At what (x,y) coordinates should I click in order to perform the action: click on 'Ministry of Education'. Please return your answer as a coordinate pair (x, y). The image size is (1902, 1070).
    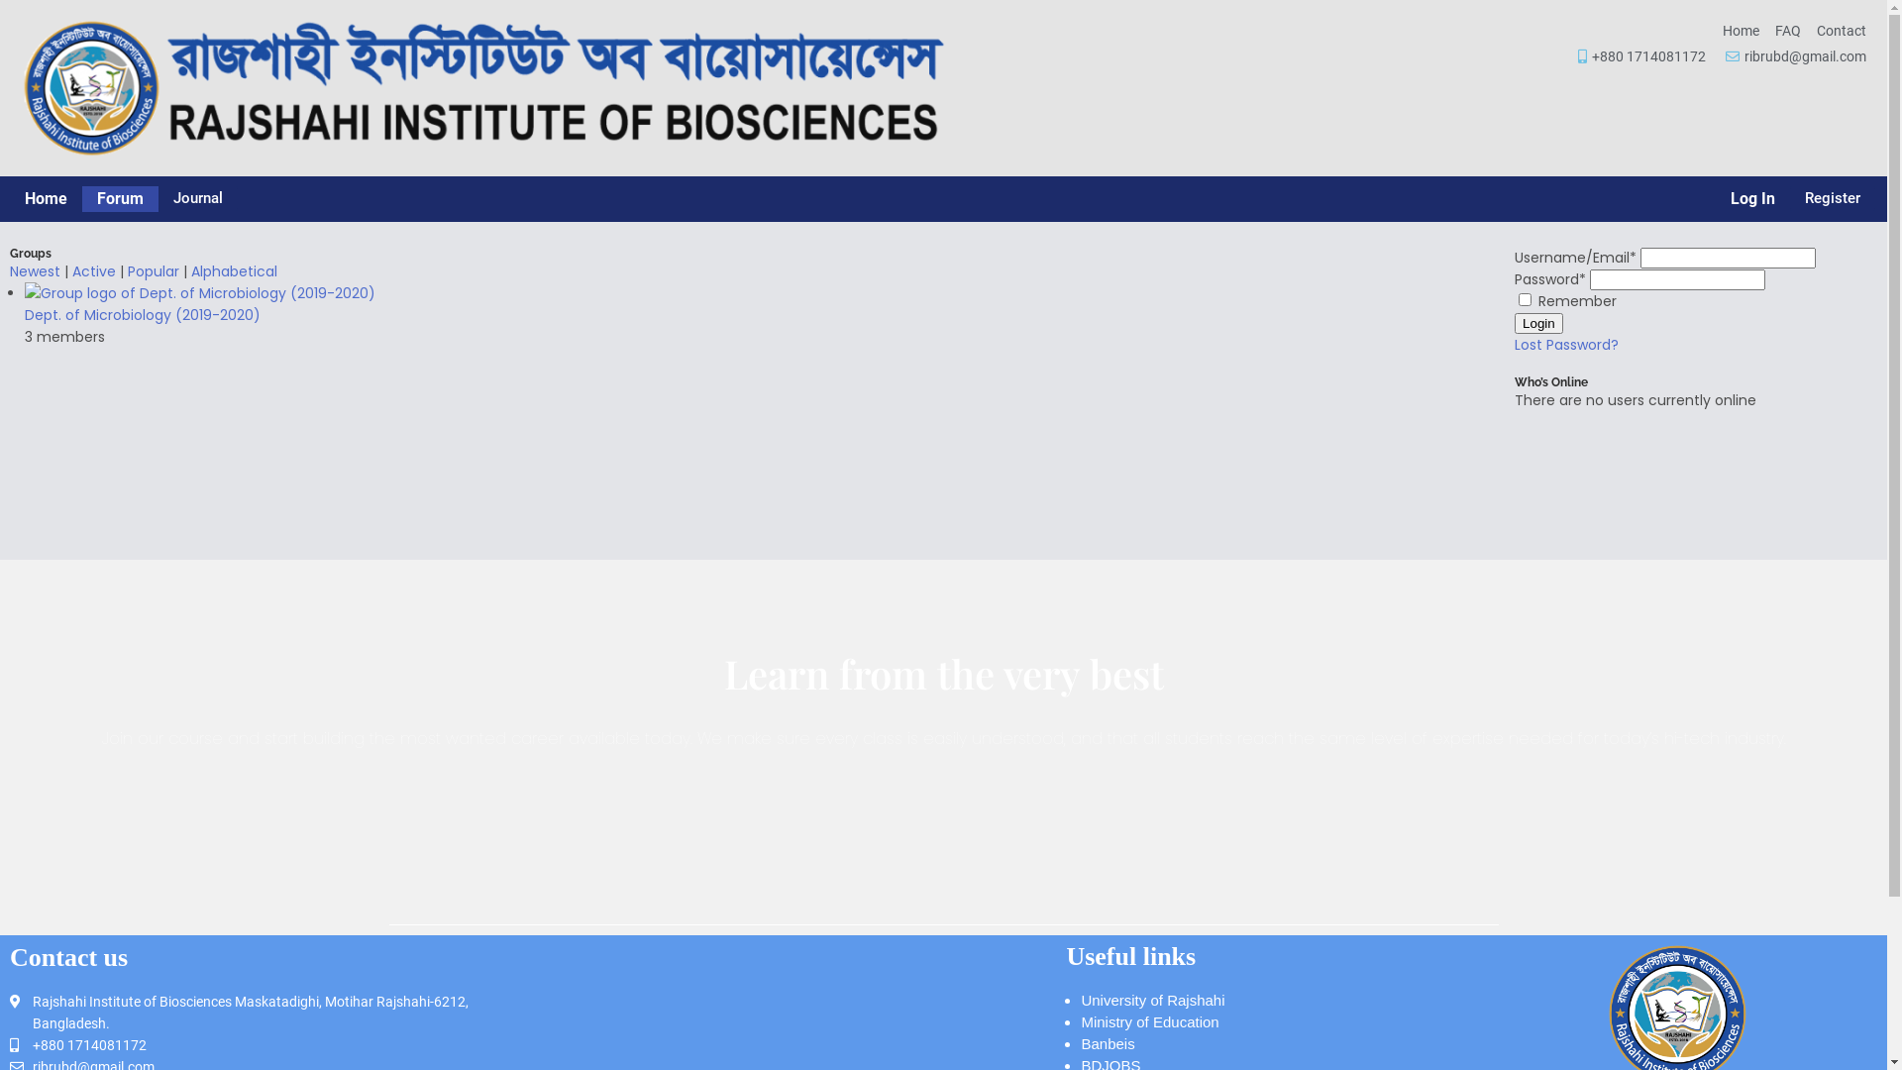
    Looking at the image, I should click on (1149, 1021).